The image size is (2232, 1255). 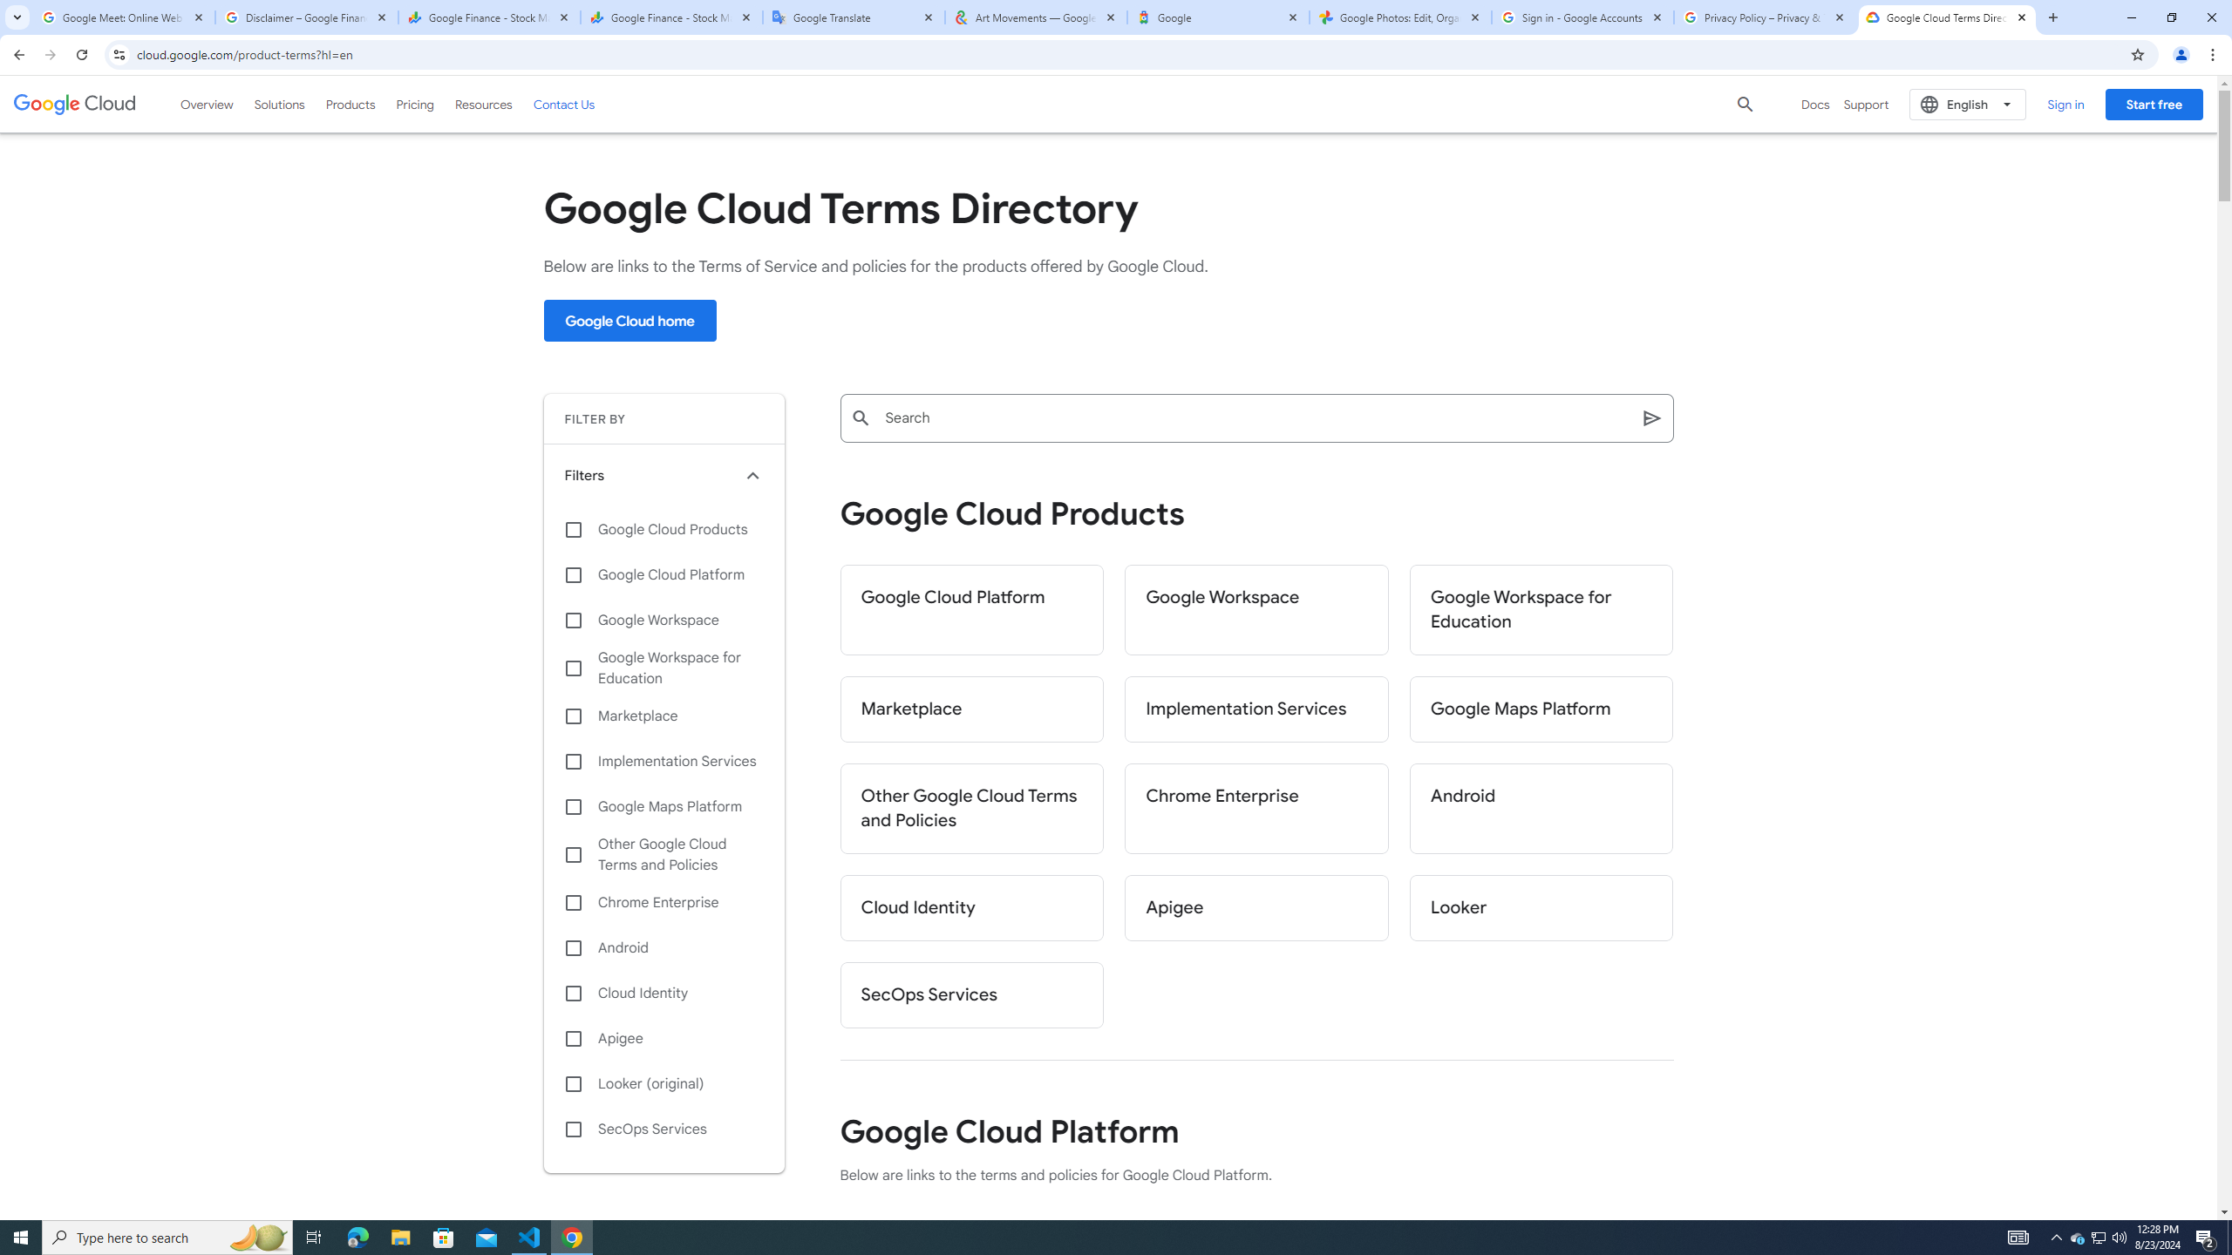 What do you see at coordinates (1866, 103) in the screenshot?
I see `'Support'` at bounding box center [1866, 103].